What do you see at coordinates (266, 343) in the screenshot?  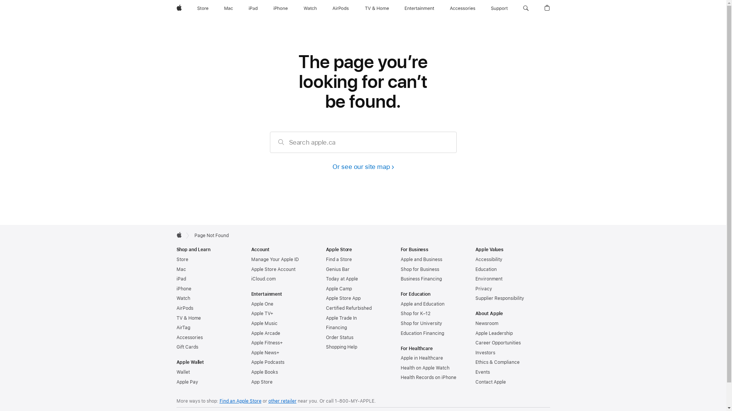 I see `'Apple Fitness+'` at bounding box center [266, 343].